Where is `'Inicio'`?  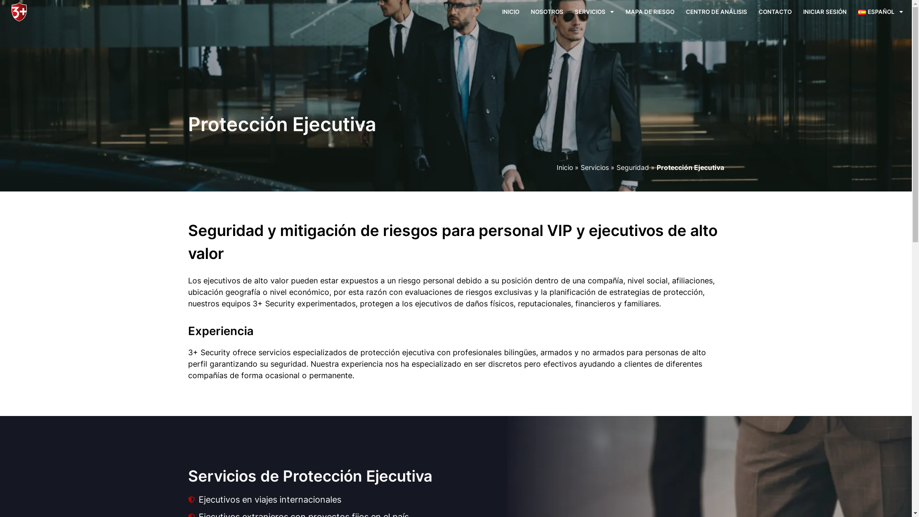
'Inicio' is located at coordinates (556, 167).